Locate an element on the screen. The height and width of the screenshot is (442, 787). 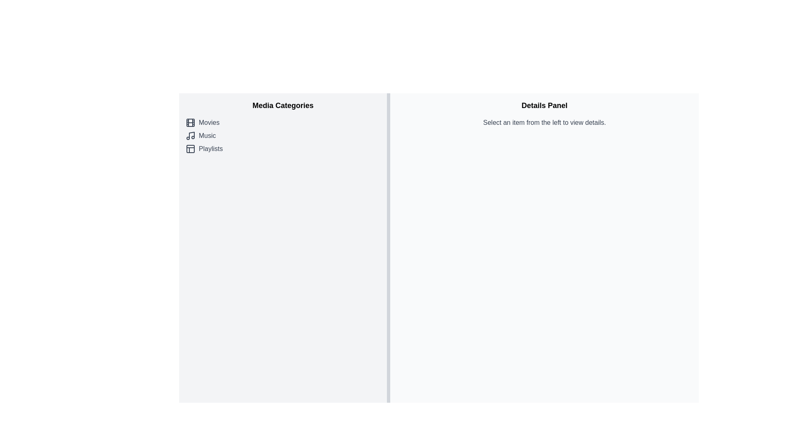
the textual label displaying the word 'Music' is located at coordinates (207, 135).